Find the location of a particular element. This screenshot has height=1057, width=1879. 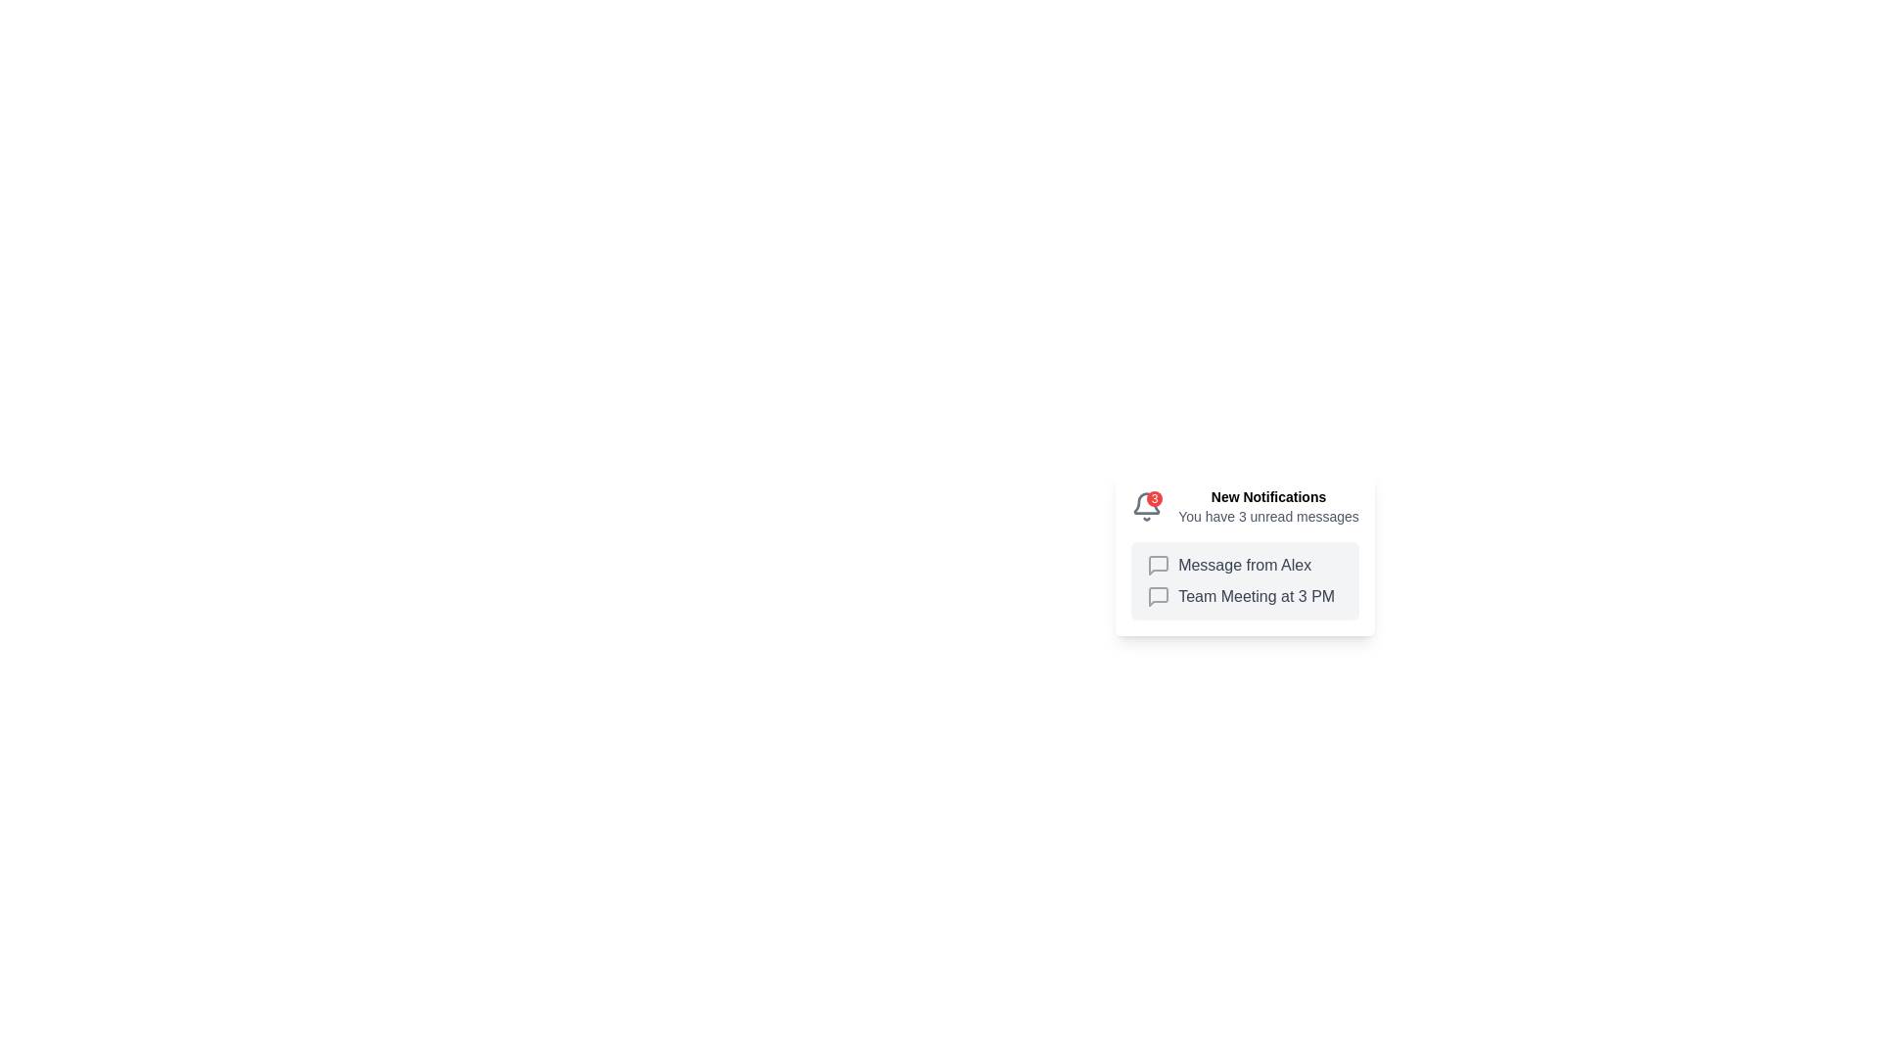

the speech bubble icon in the notification item that states 'Team Meeting at 3 PM' to initiate a related action is located at coordinates (1244, 595).